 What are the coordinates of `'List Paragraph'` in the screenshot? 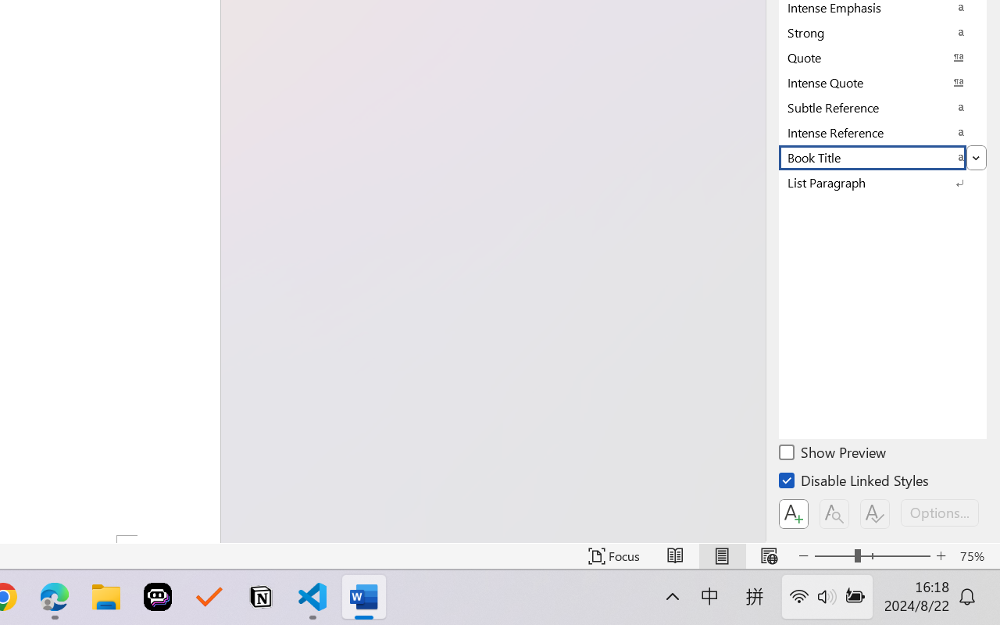 It's located at (883, 182).